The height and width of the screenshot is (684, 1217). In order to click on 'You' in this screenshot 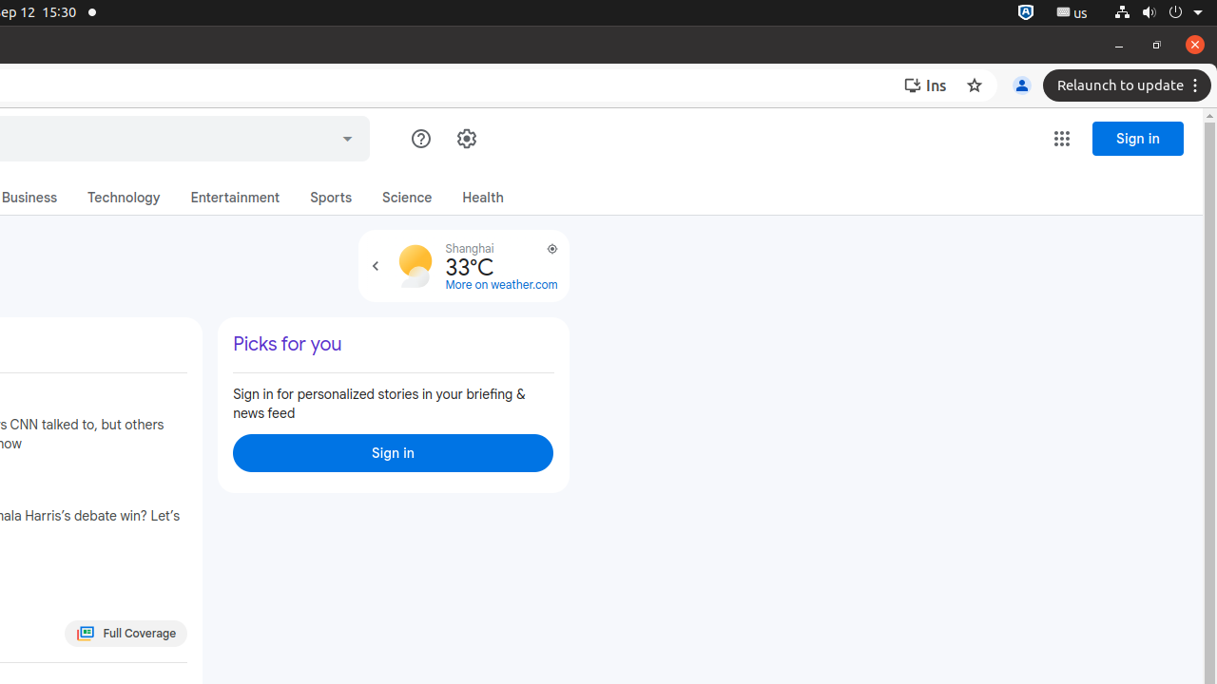, I will do `click(1020, 85)`.